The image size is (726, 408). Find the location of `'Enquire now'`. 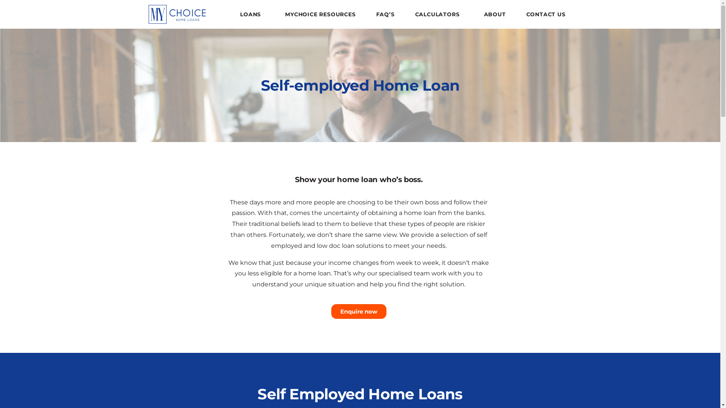

'Enquire now' is located at coordinates (358, 311).